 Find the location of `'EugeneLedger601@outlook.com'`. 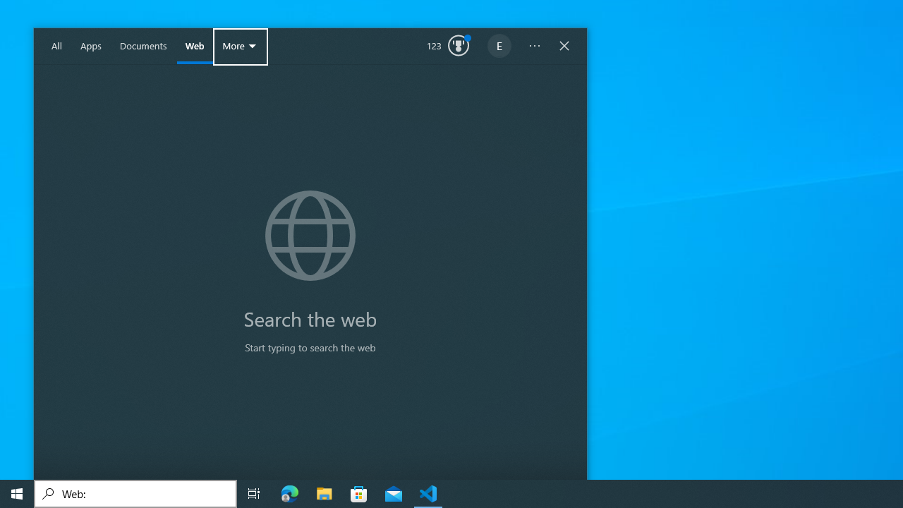

'EugeneLedger601@outlook.com' is located at coordinates (499, 46).